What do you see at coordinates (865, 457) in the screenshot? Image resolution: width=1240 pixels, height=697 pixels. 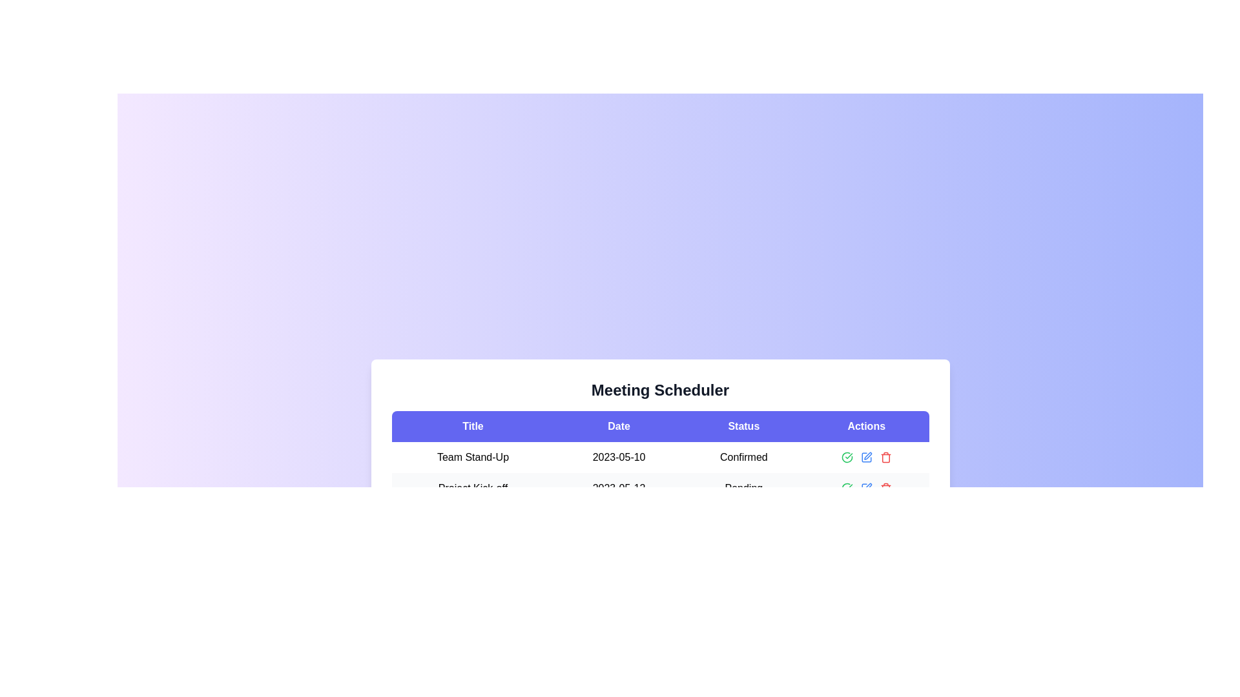 I see `the blue pencil icon in the fourth column under the 'Actions' header for the 'Team Stand-Up' row` at bounding box center [865, 457].